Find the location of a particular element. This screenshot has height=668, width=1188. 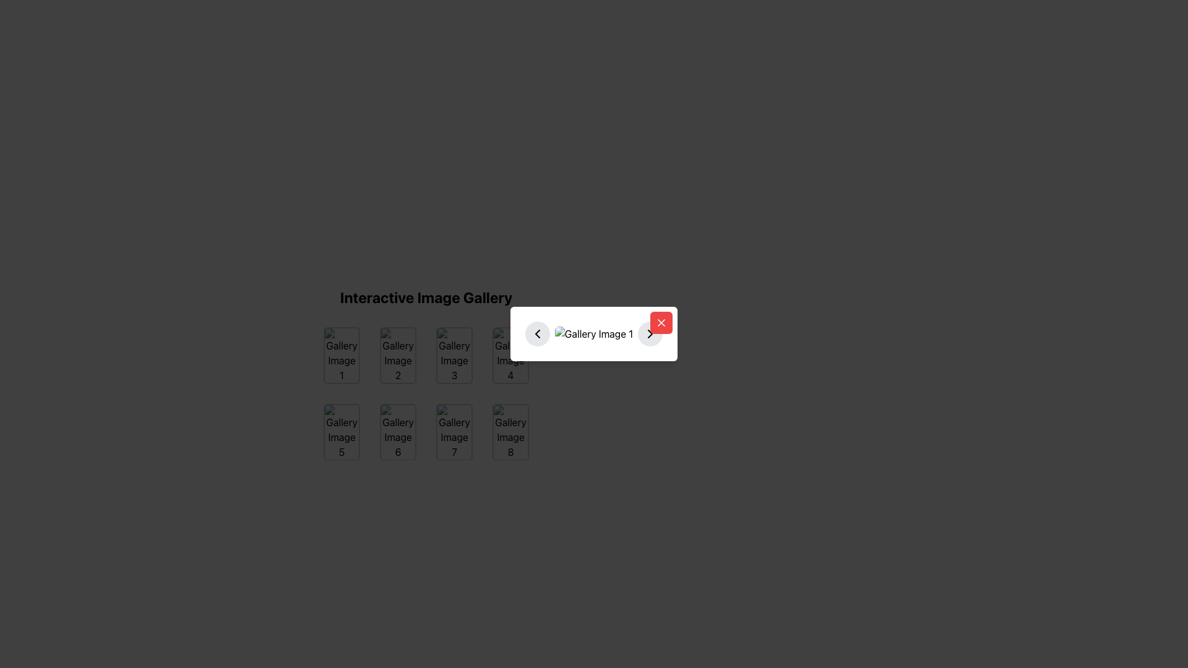

the zoom-in icon button, which is a circular magnifying glass with a plus symbol inside is located at coordinates (510, 355).